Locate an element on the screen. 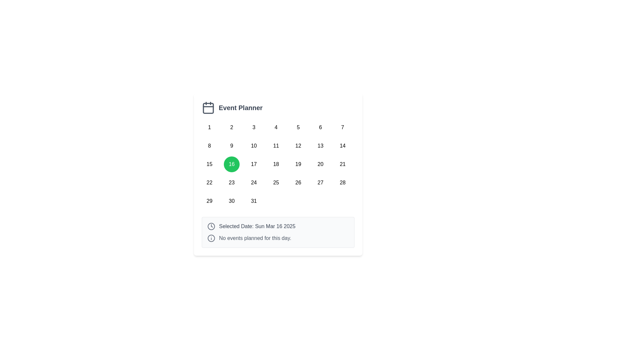 Image resolution: width=632 pixels, height=355 pixels. the informational icon located to the left of the text 'No events planned for this day.' in the lower part of the calendar interface is located at coordinates (211, 238).